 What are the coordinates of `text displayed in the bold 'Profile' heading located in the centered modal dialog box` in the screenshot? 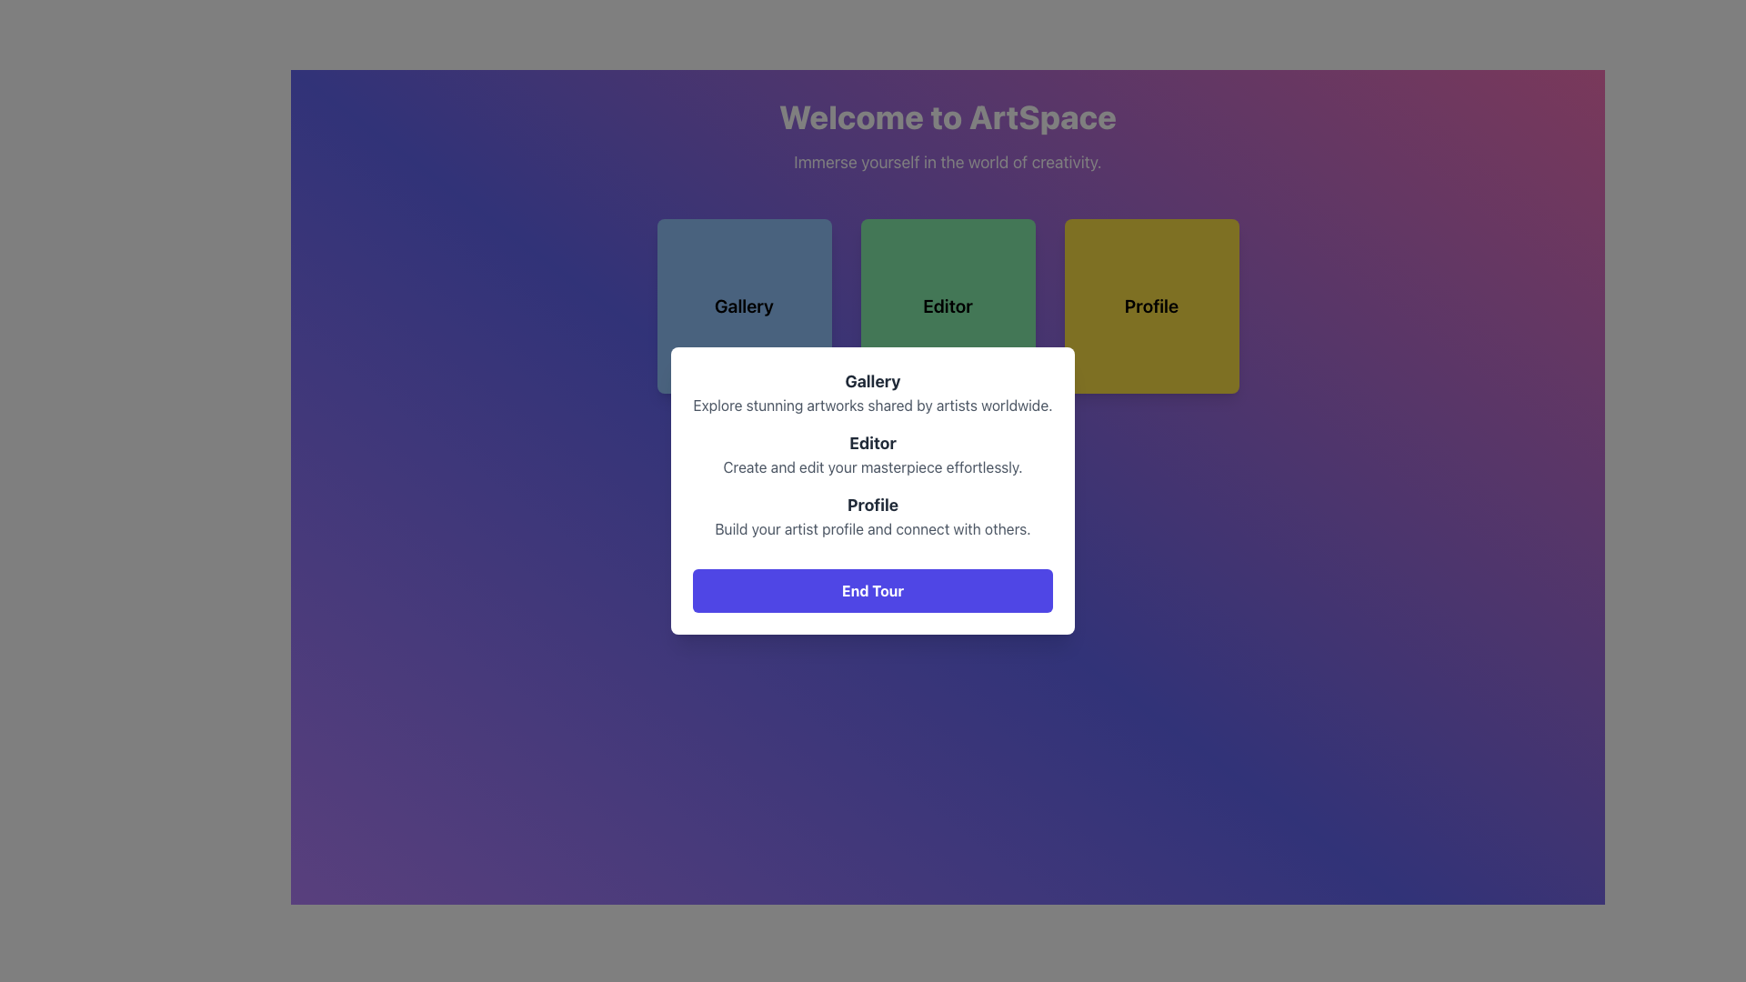 It's located at (873, 505).